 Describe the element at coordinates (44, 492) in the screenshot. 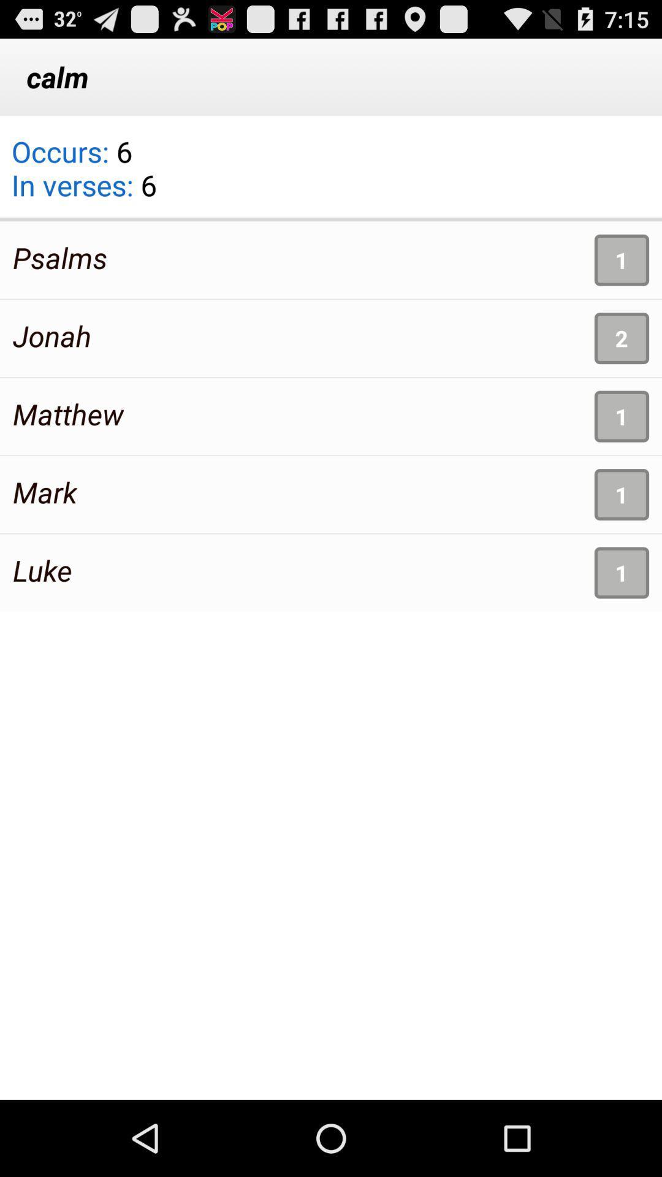

I see `icon below matthew app` at that location.